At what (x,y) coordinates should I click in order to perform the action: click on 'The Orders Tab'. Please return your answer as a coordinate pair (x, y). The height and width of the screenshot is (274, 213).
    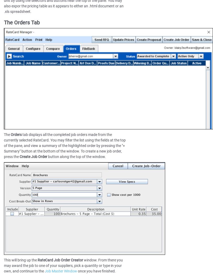
    Looking at the image, I should click on (21, 23).